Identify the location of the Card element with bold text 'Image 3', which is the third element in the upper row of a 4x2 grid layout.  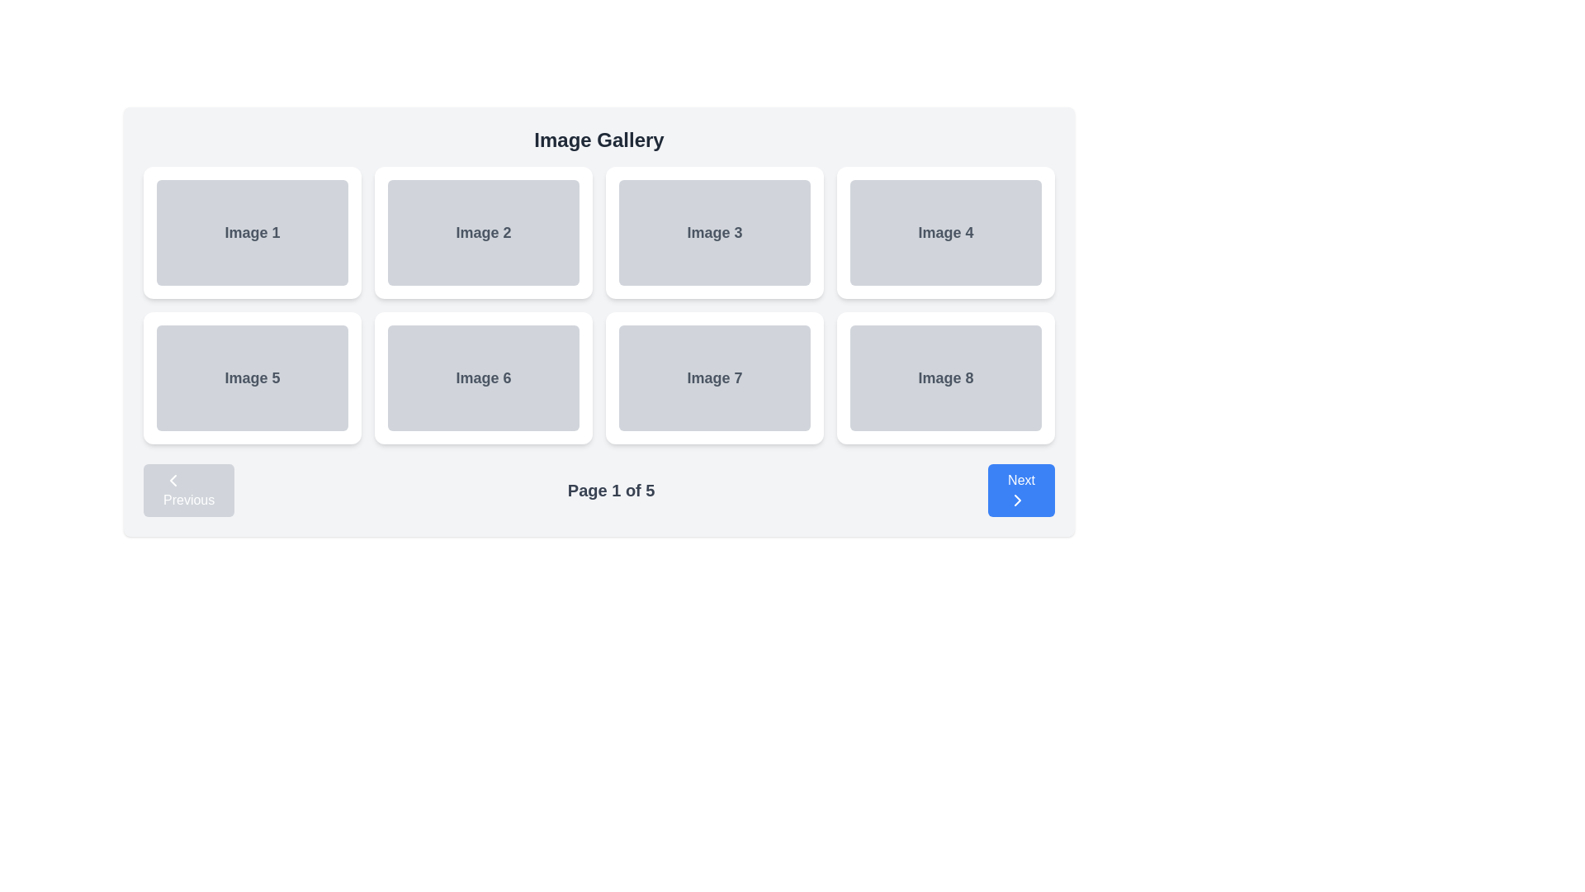
(714, 232).